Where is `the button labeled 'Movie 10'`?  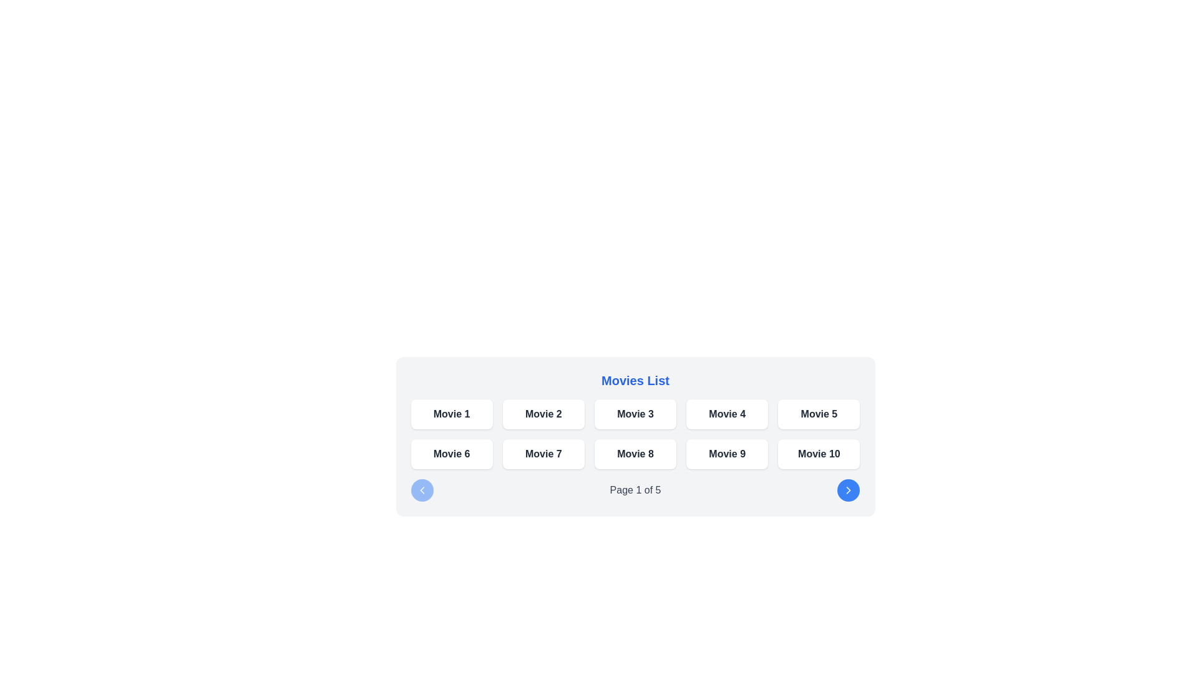
the button labeled 'Movie 10' is located at coordinates (819, 454).